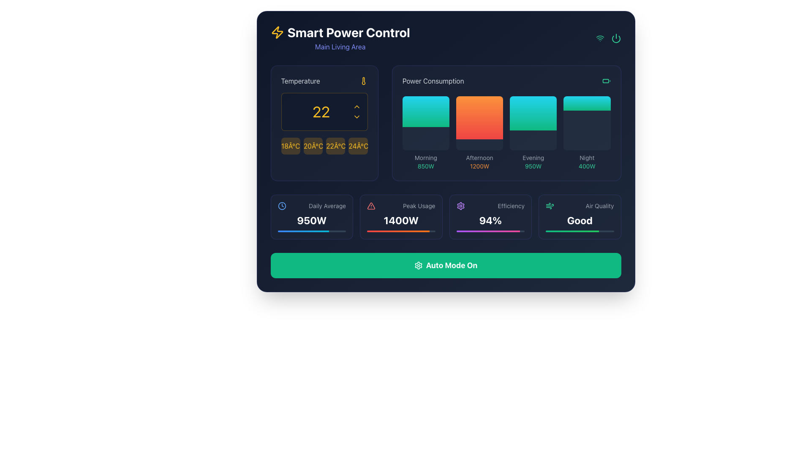 The height and width of the screenshot is (456, 811). What do you see at coordinates (398, 231) in the screenshot?
I see `the rectangular progress bar with a gradient background transitioning from red to orange in the Efficiency section of the interface` at bounding box center [398, 231].